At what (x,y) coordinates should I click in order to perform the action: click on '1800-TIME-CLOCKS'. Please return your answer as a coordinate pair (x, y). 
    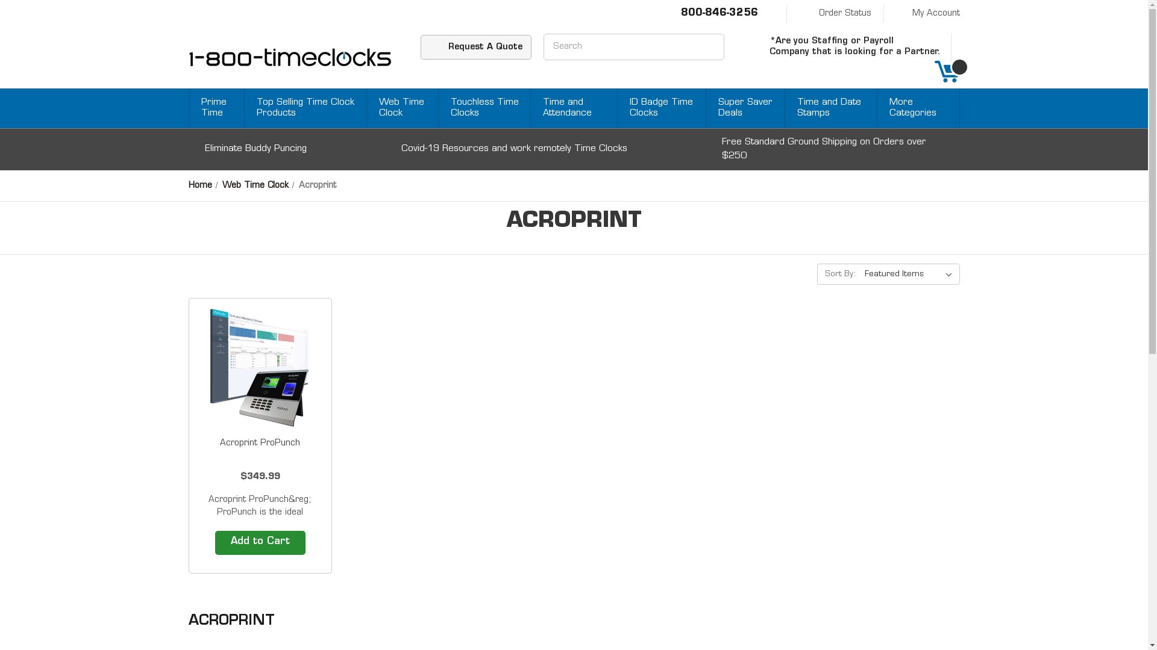
    Looking at the image, I should click on (289, 58).